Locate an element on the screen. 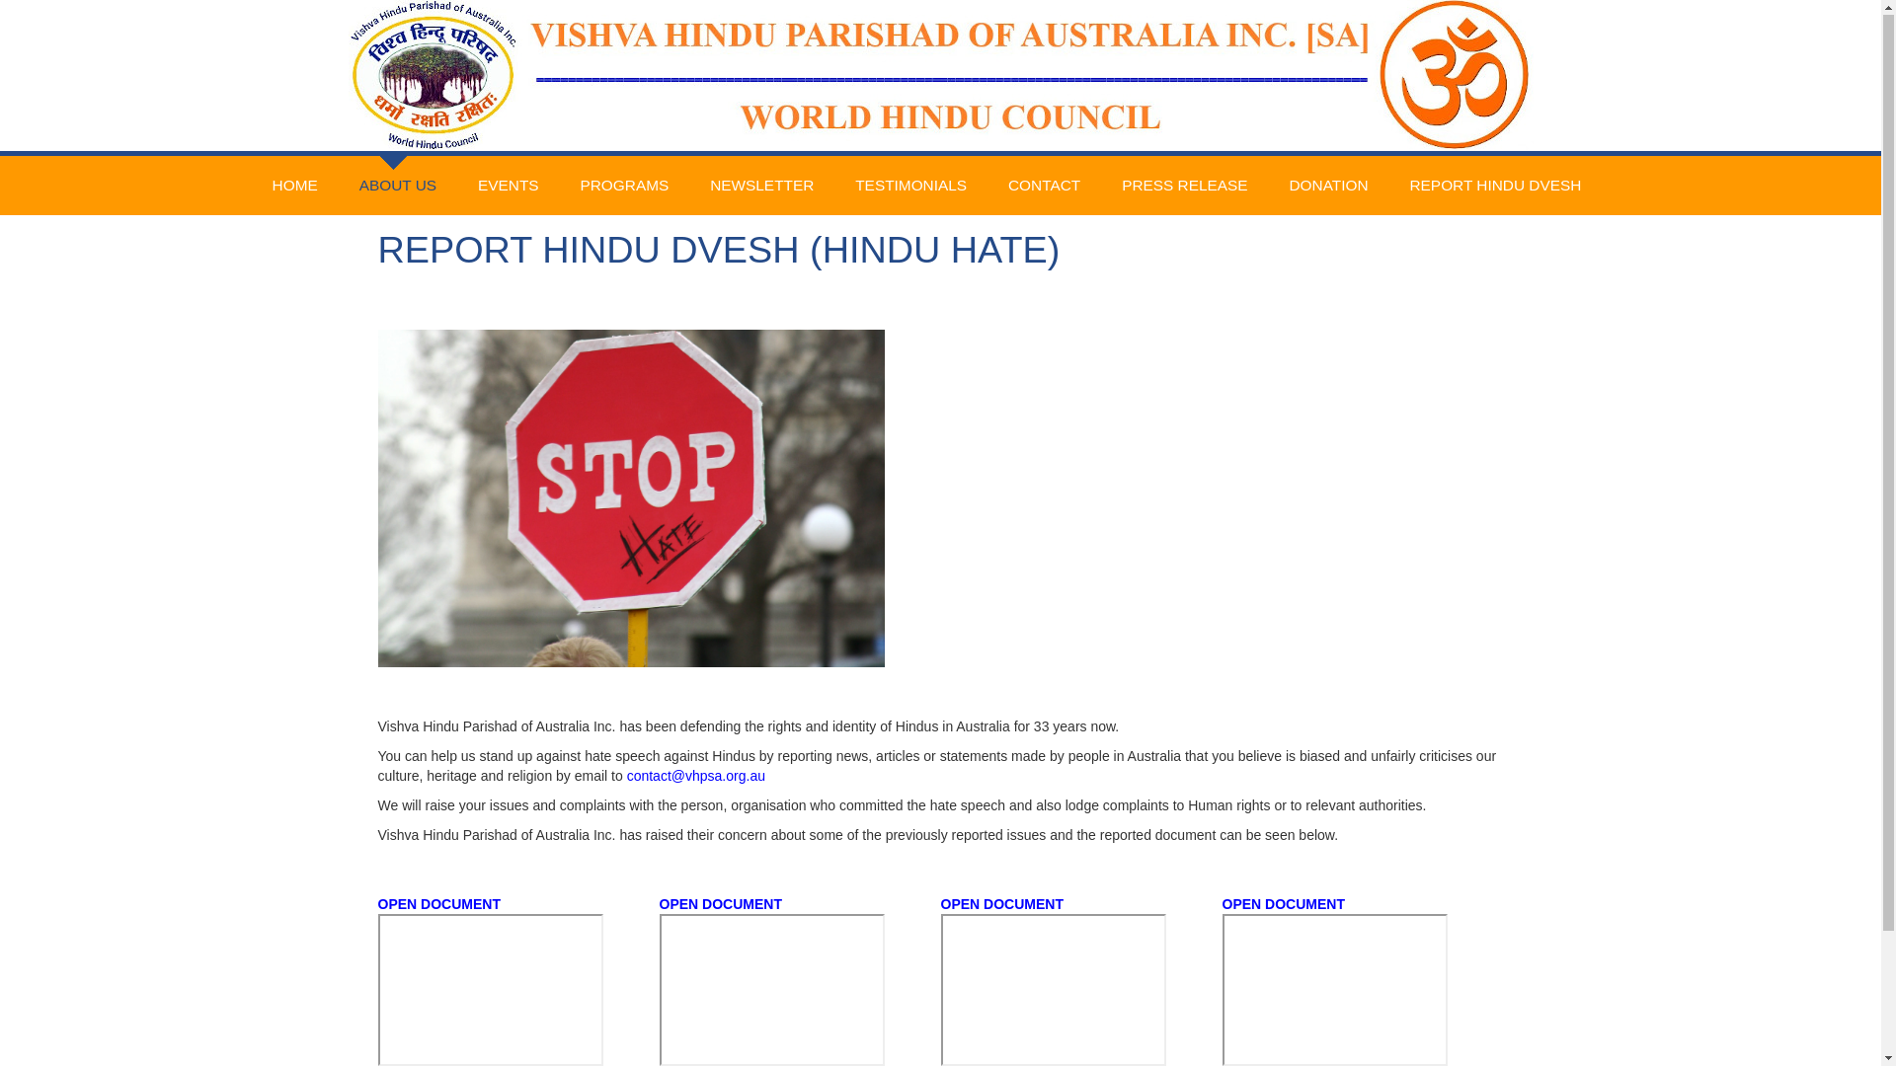  'PRESS RELEASE' is located at coordinates (1184, 187).